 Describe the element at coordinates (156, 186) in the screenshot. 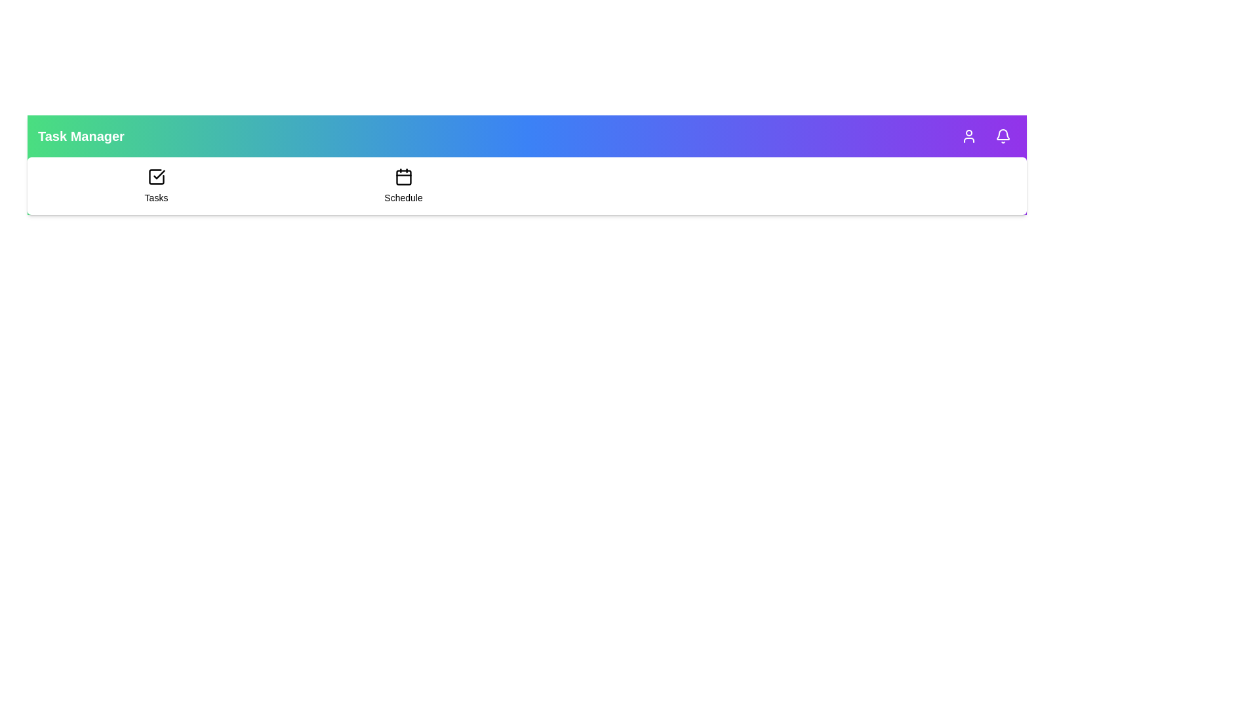

I see `the 'Tasks' item to select it` at that location.